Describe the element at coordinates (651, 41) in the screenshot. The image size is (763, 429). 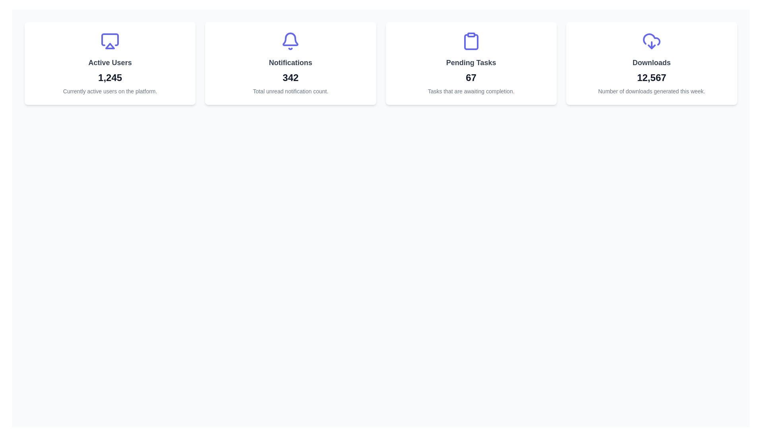
I see `the download icon located at the top center of the 'Downloads' card, which visually represents the download statistics` at that location.